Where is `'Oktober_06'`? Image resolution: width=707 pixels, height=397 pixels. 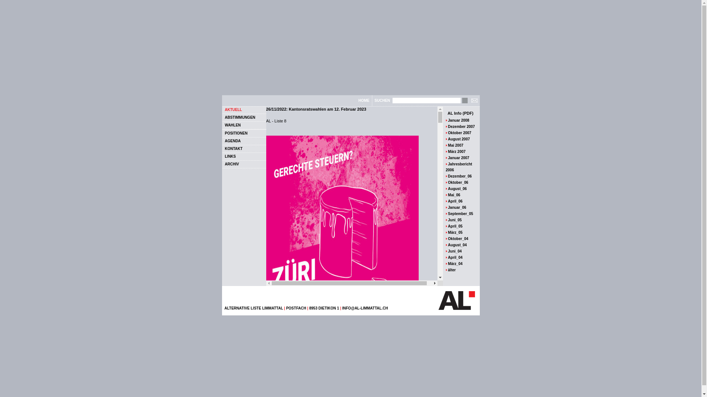 'Oktober_06' is located at coordinates (458, 182).